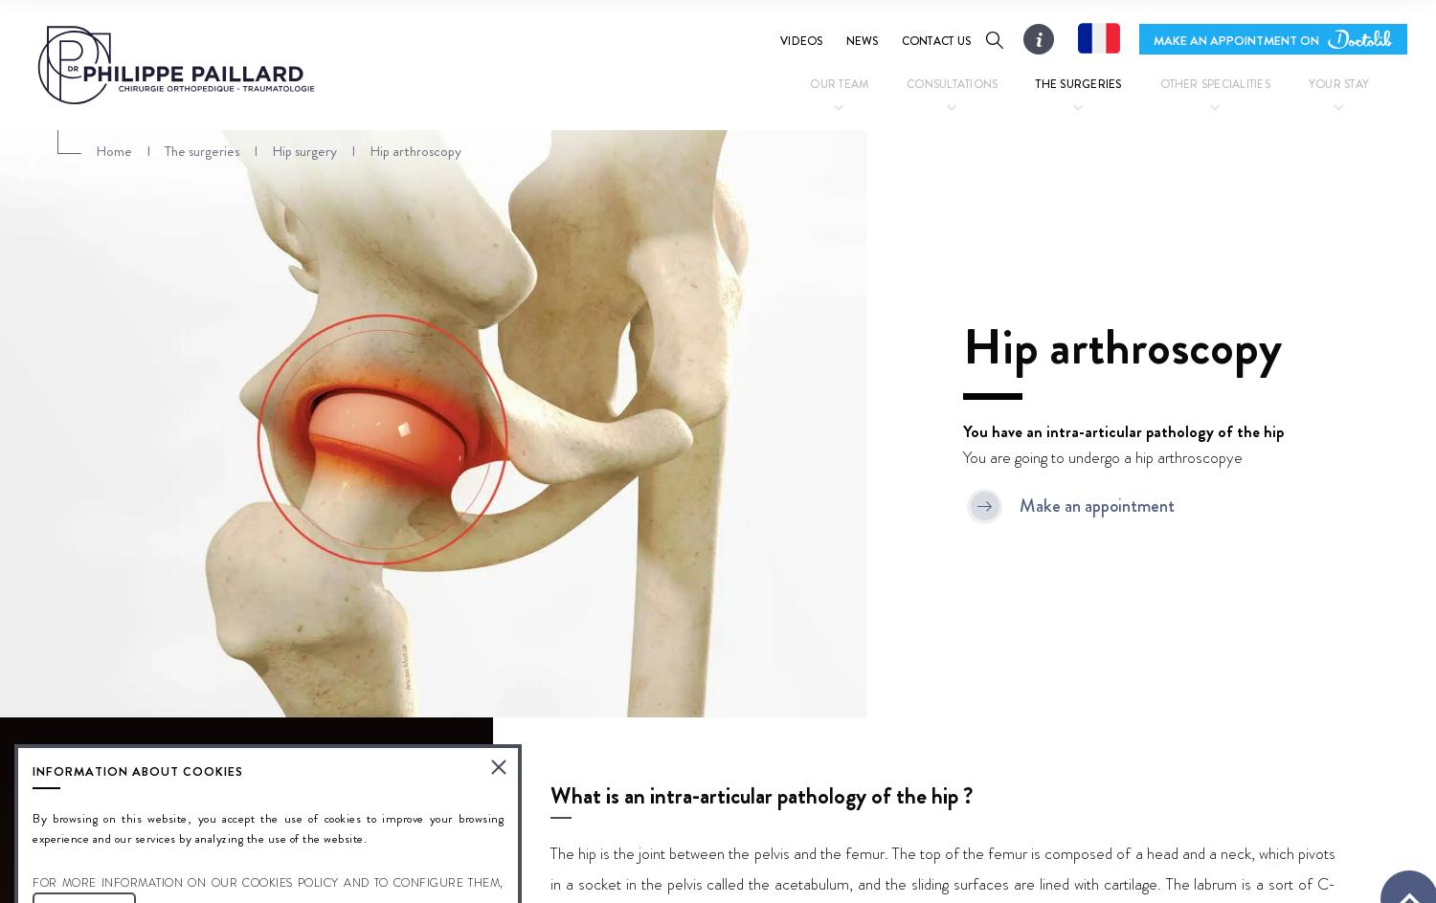  Describe the element at coordinates (1229, 219) in the screenshot. I see `'Endermotherapy'` at that location.